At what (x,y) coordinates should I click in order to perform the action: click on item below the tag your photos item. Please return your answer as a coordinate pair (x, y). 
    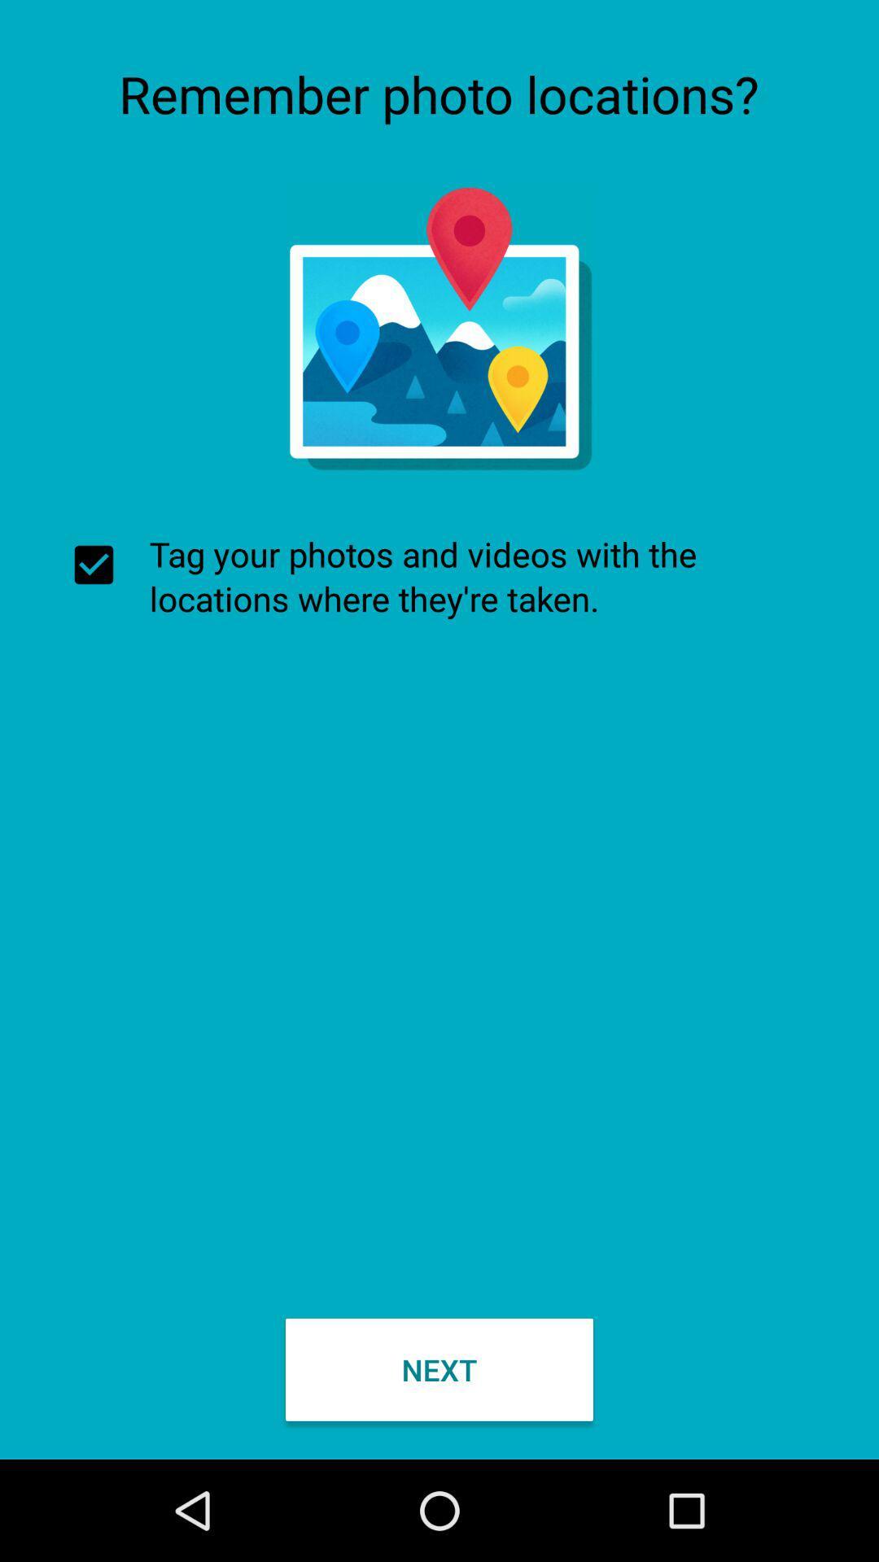
    Looking at the image, I should click on (439, 1368).